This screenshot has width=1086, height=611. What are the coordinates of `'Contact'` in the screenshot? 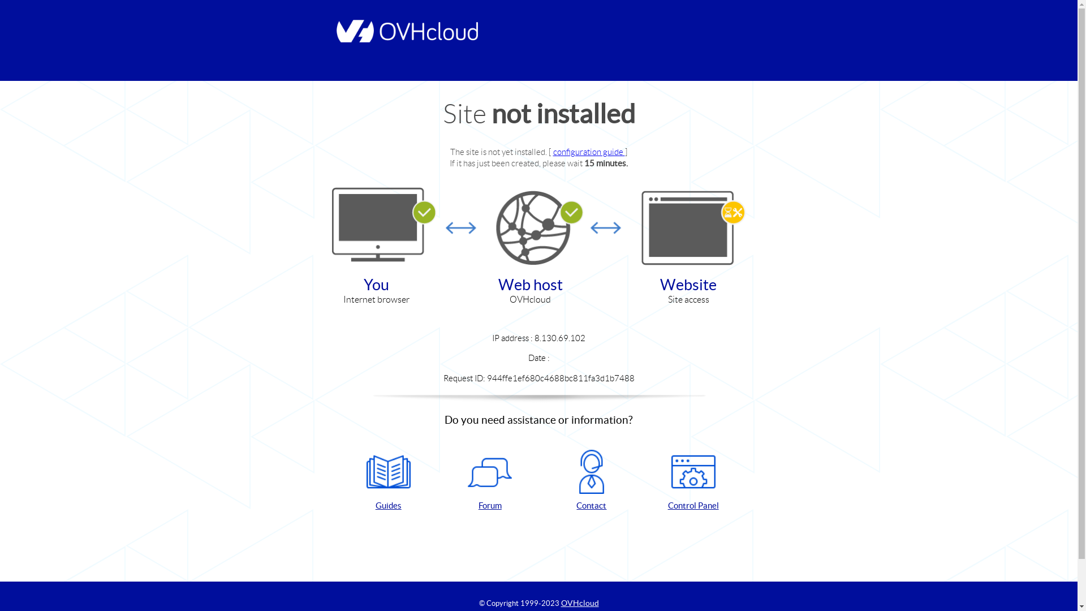 It's located at (591, 480).